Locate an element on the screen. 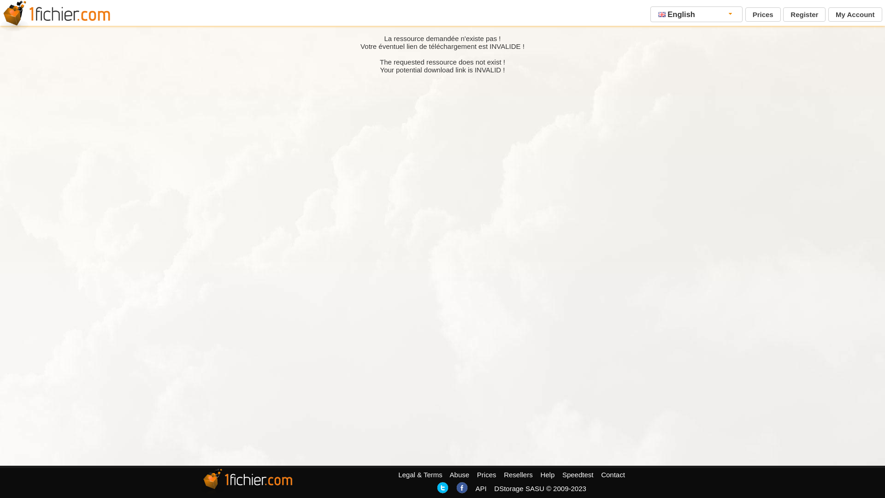 This screenshot has height=498, width=885. 'Abuse' is located at coordinates (460, 474).